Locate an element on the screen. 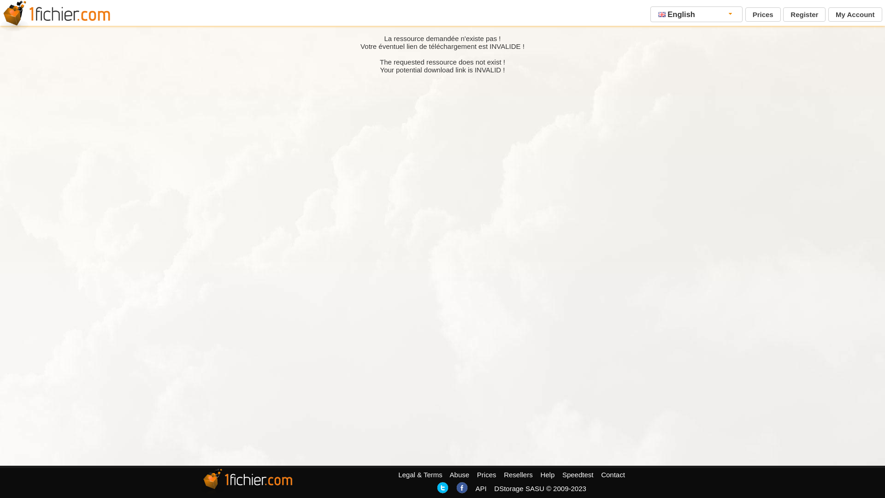 This screenshot has height=498, width=885. 'Abuse' is located at coordinates (460, 474).